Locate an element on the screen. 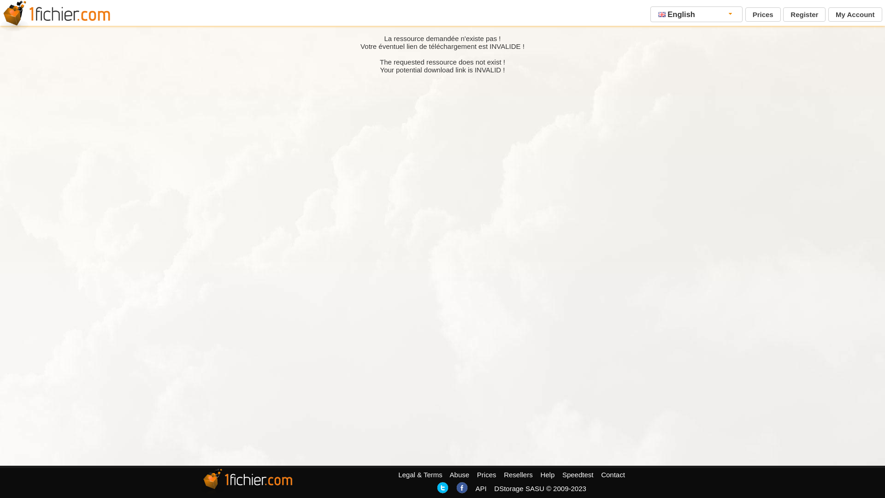 This screenshot has height=498, width=885. 'Abuse' is located at coordinates (460, 474).